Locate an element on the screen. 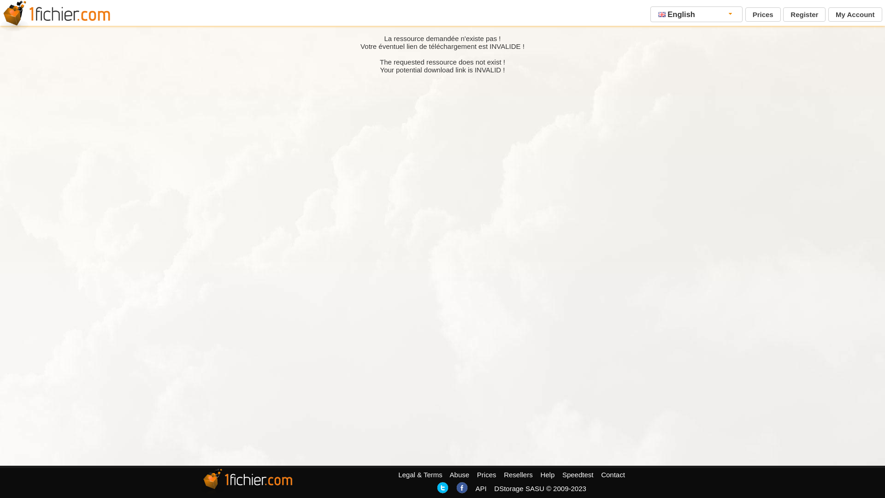 This screenshot has height=498, width=885. 'Abuse' is located at coordinates (460, 474).